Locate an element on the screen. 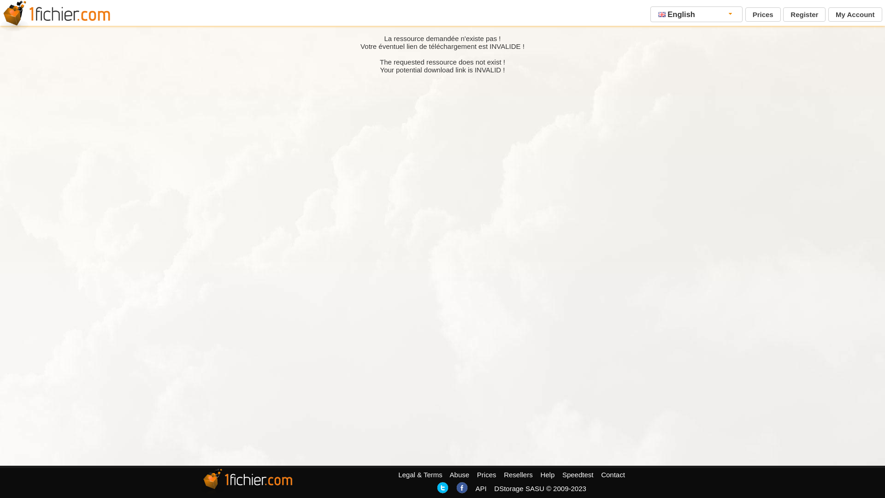 This screenshot has height=498, width=885. 'Abuse' is located at coordinates (460, 474).